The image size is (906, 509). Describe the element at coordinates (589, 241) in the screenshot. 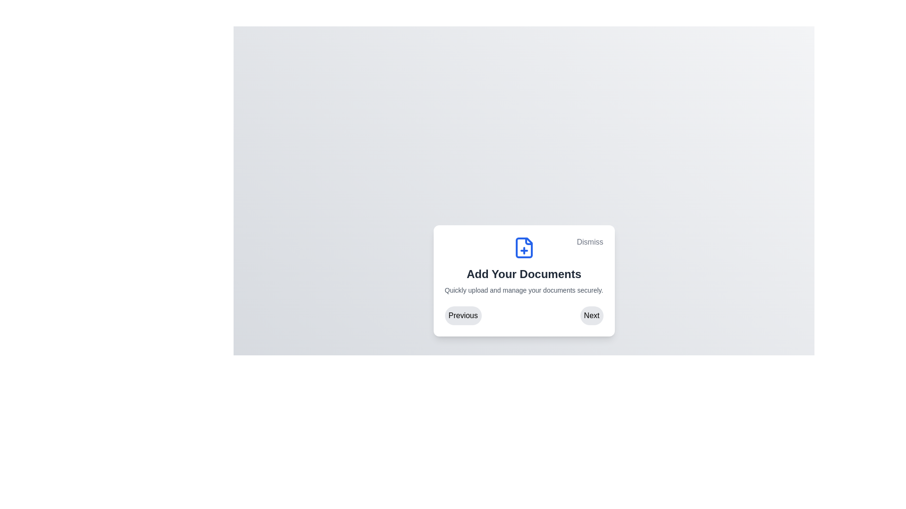

I see `the 'Dismiss' button located in the top-right corner of the modal interface to change its color for visual feedback` at that location.